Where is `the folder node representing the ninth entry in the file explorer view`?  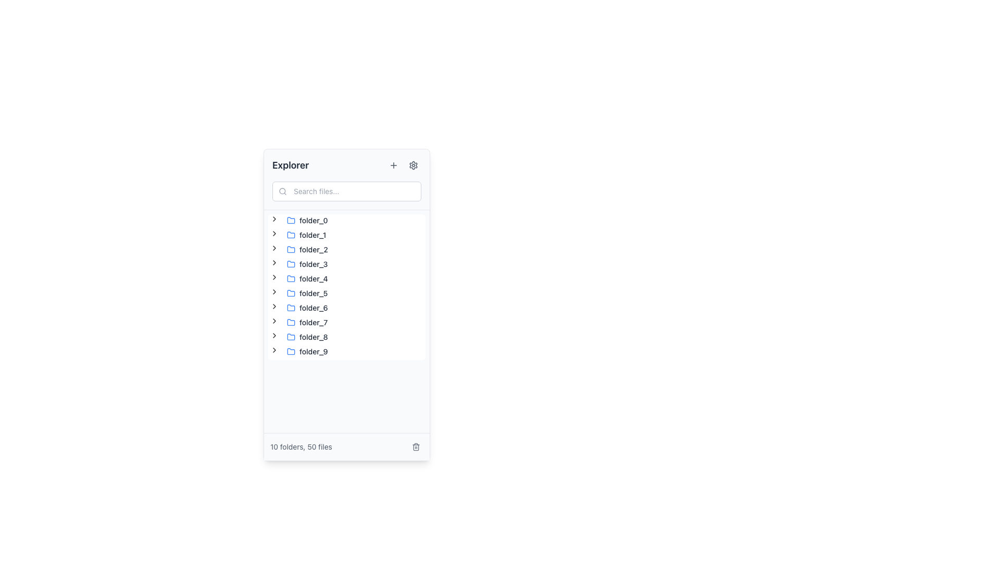
the folder node representing the ninth entry in the file explorer view is located at coordinates (299, 337).